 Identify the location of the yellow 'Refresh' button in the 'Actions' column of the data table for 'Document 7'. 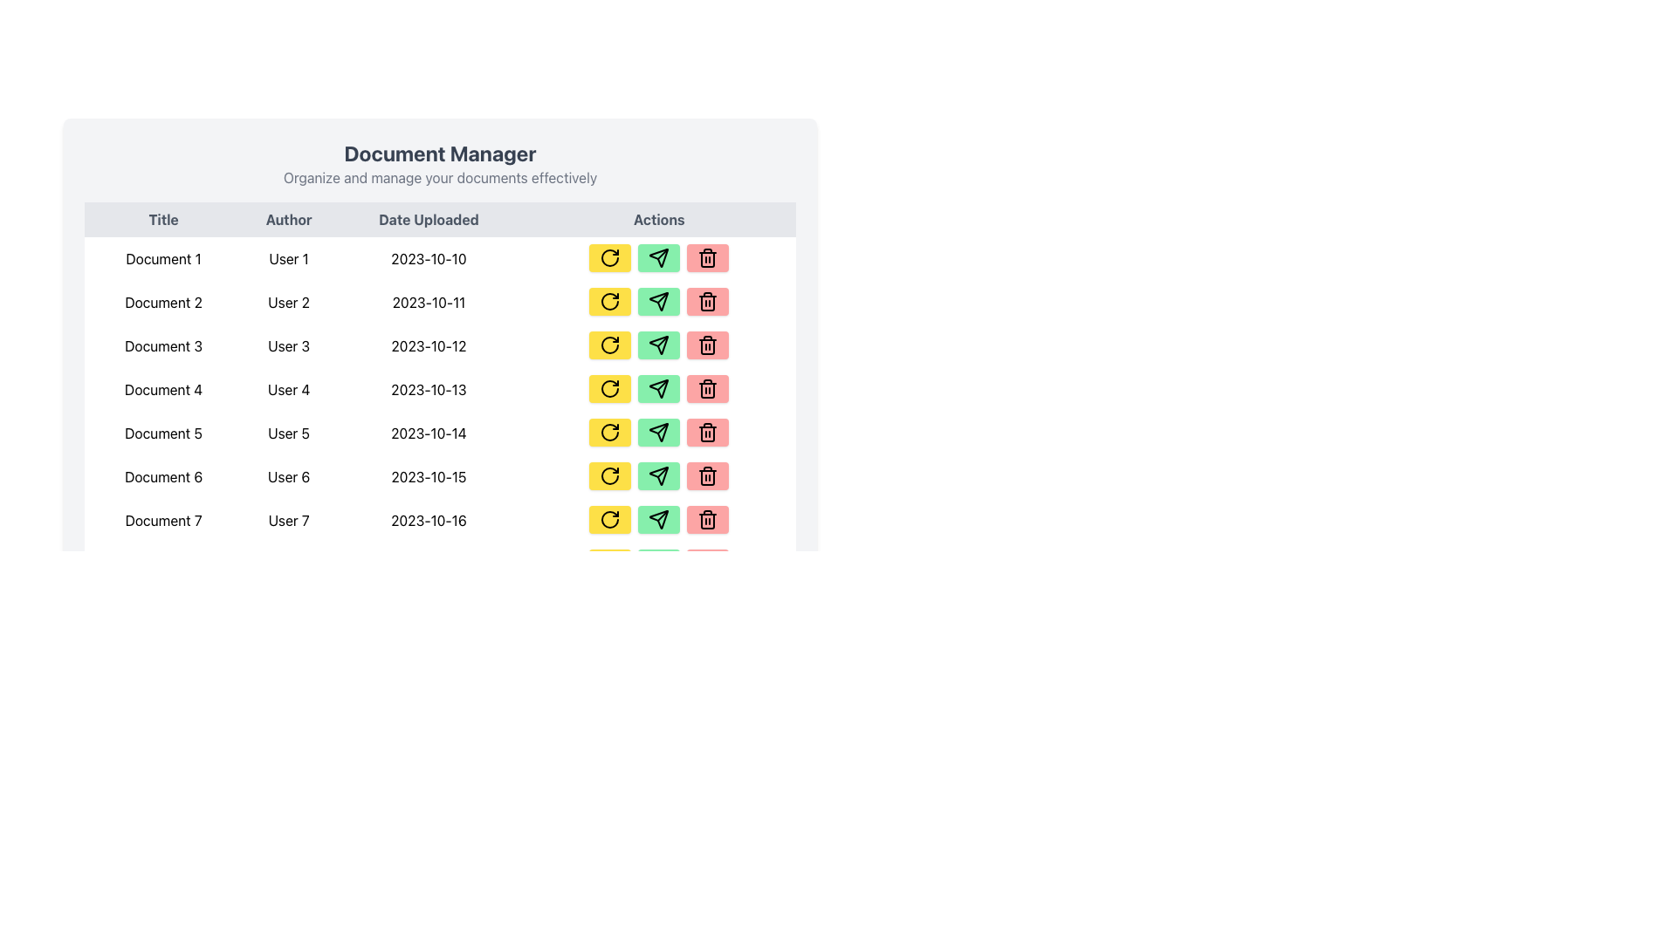
(610, 650).